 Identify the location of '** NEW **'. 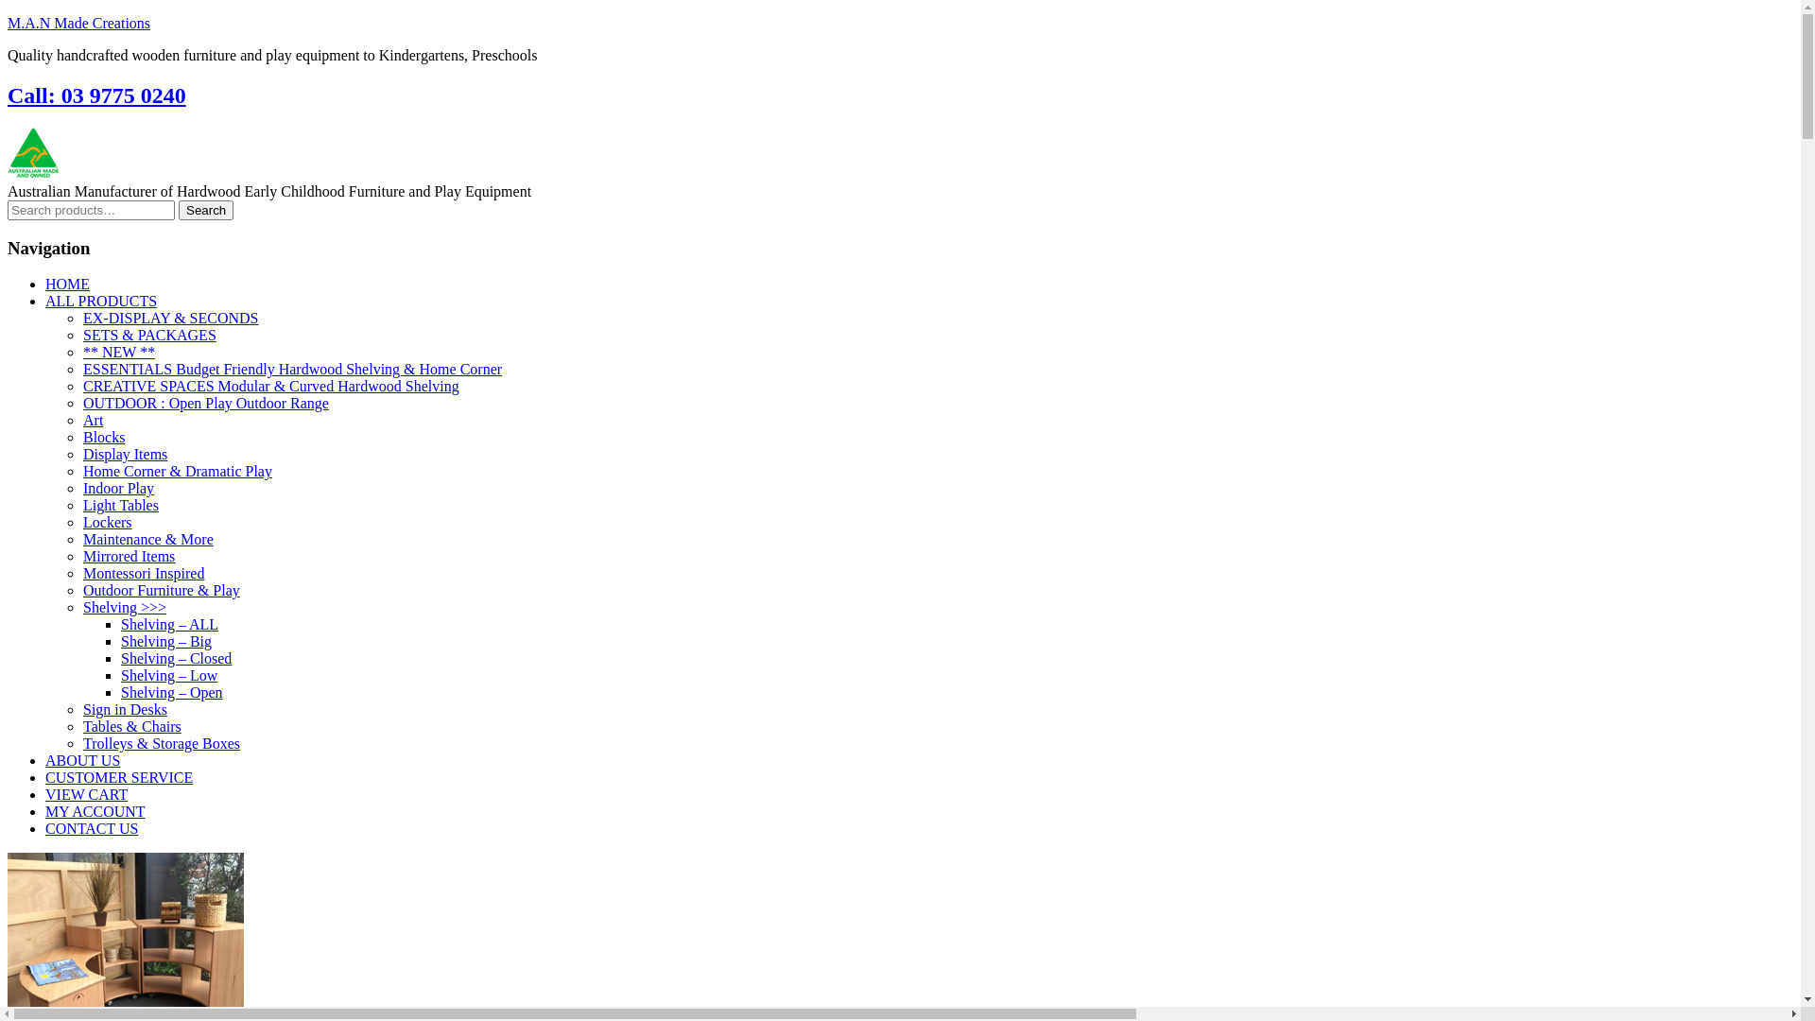
(117, 352).